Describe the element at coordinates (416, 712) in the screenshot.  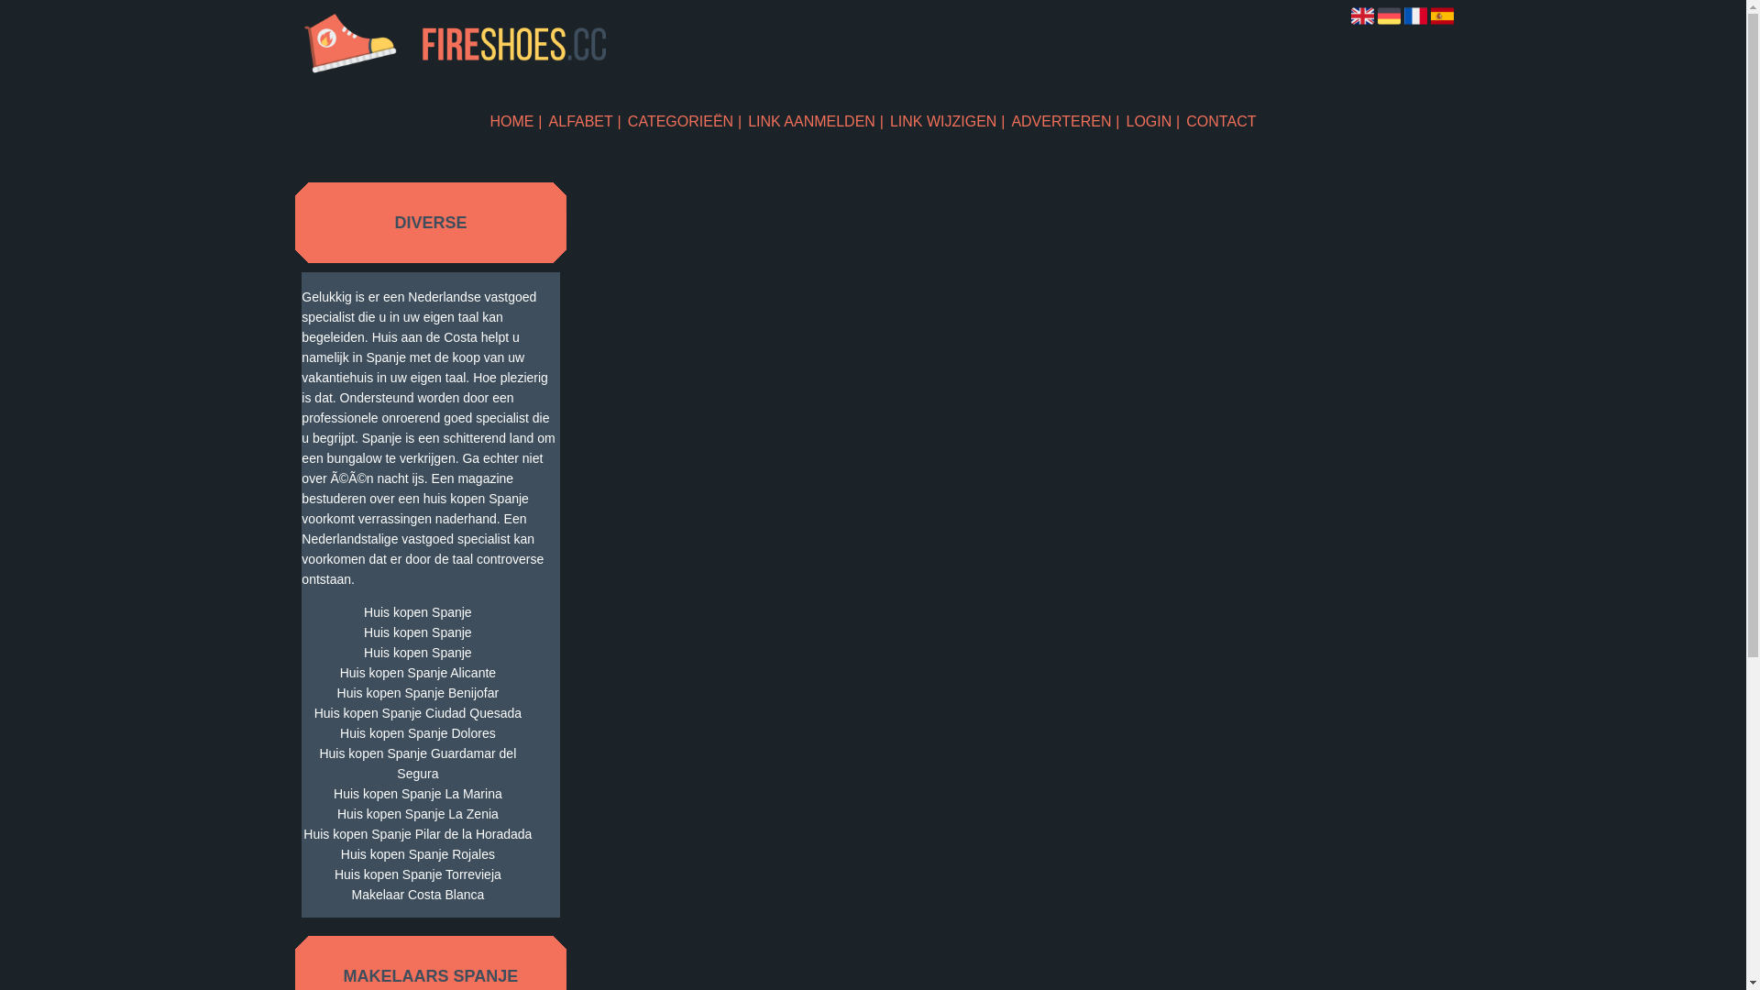
I see `'Huis kopen Spanje Ciudad Quesada'` at that location.